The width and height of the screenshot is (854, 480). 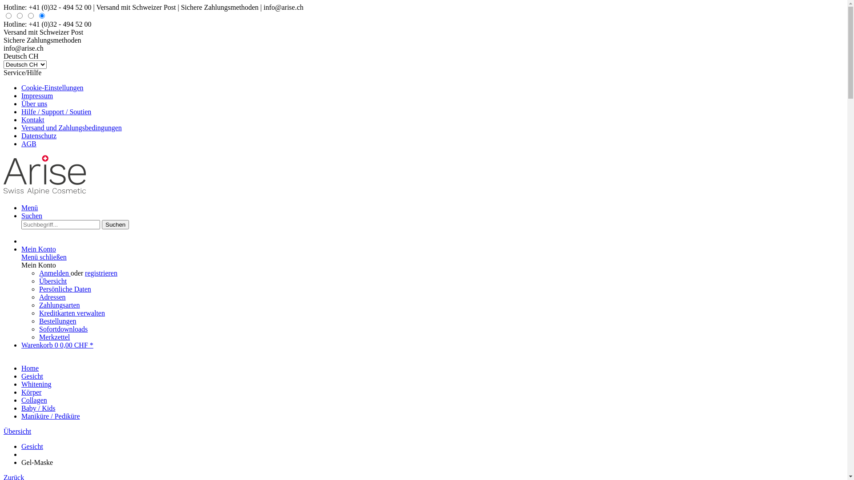 I want to click on 'Sofortdownloads', so click(x=38, y=329).